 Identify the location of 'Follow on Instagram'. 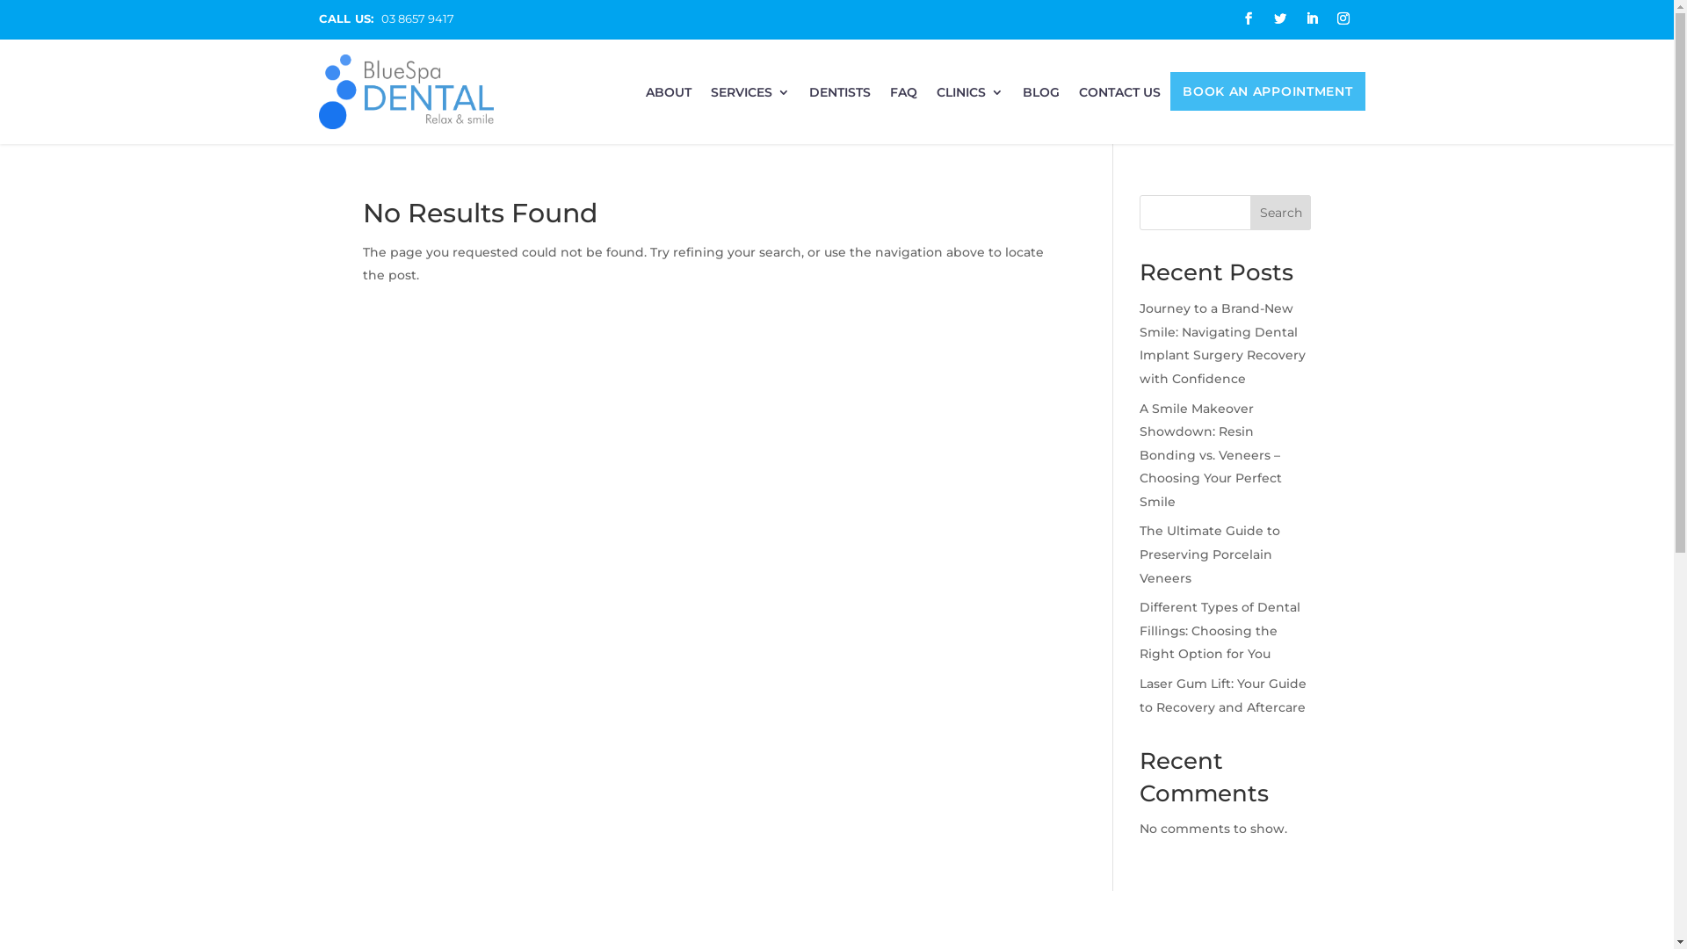
(1341, 18).